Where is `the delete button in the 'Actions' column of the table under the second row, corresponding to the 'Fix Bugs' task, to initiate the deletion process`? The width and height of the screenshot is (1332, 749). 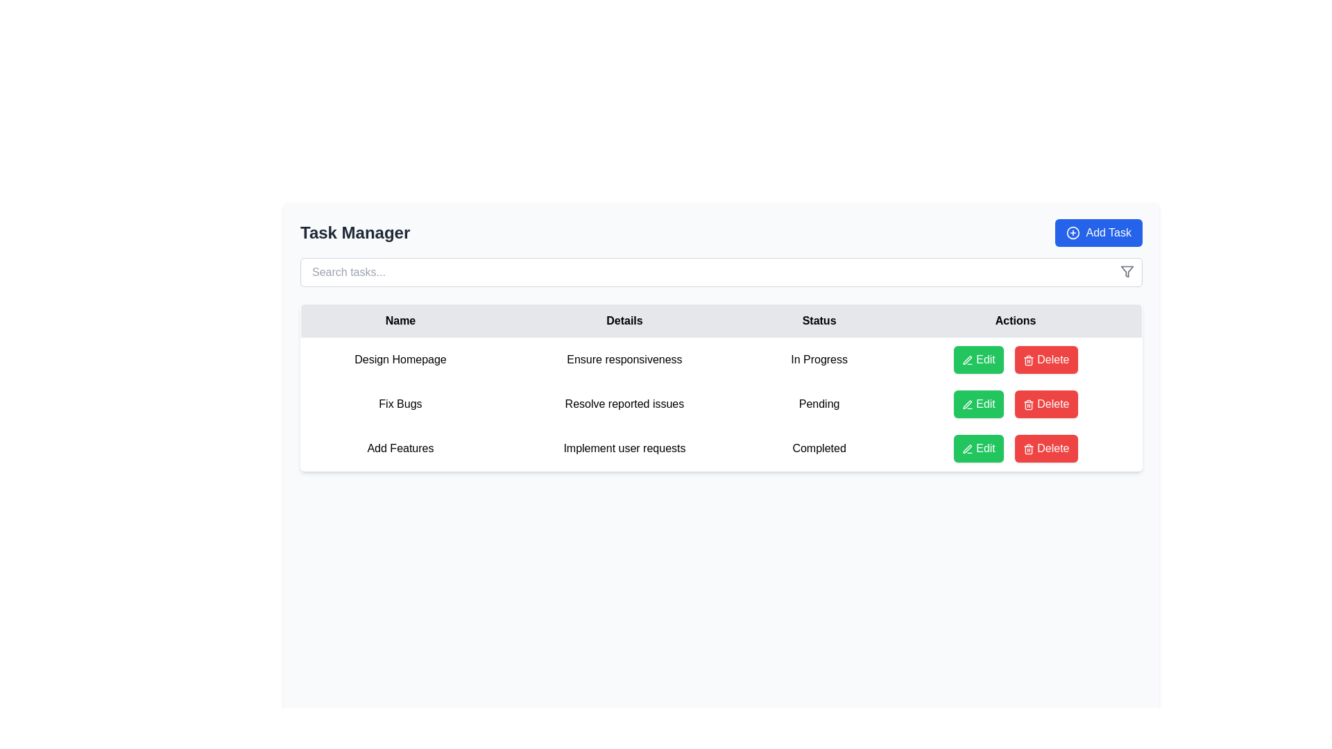
the delete button in the 'Actions' column of the table under the second row, corresponding to the 'Fix Bugs' task, to initiate the deletion process is located at coordinates (1045, 404).